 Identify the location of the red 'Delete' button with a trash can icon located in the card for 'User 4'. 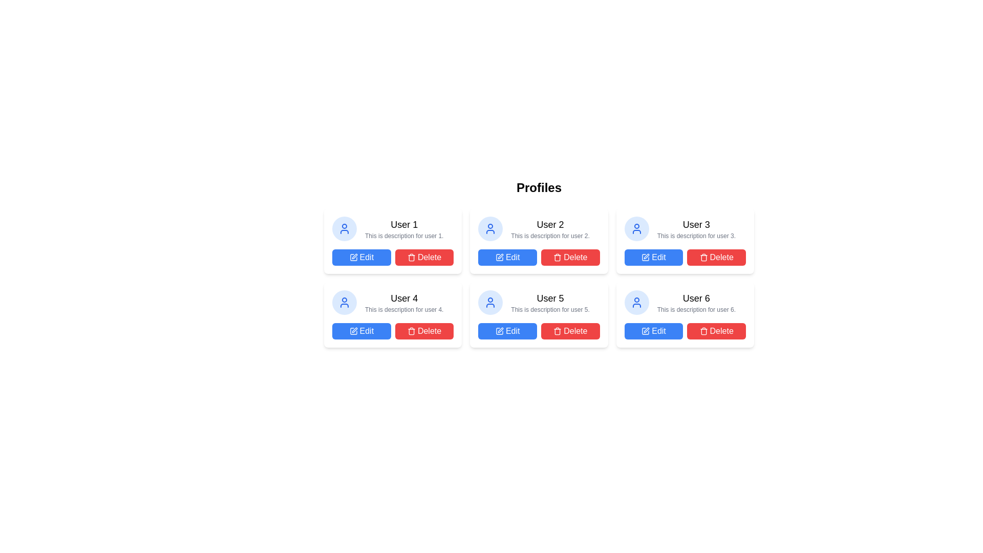
(424, 331).